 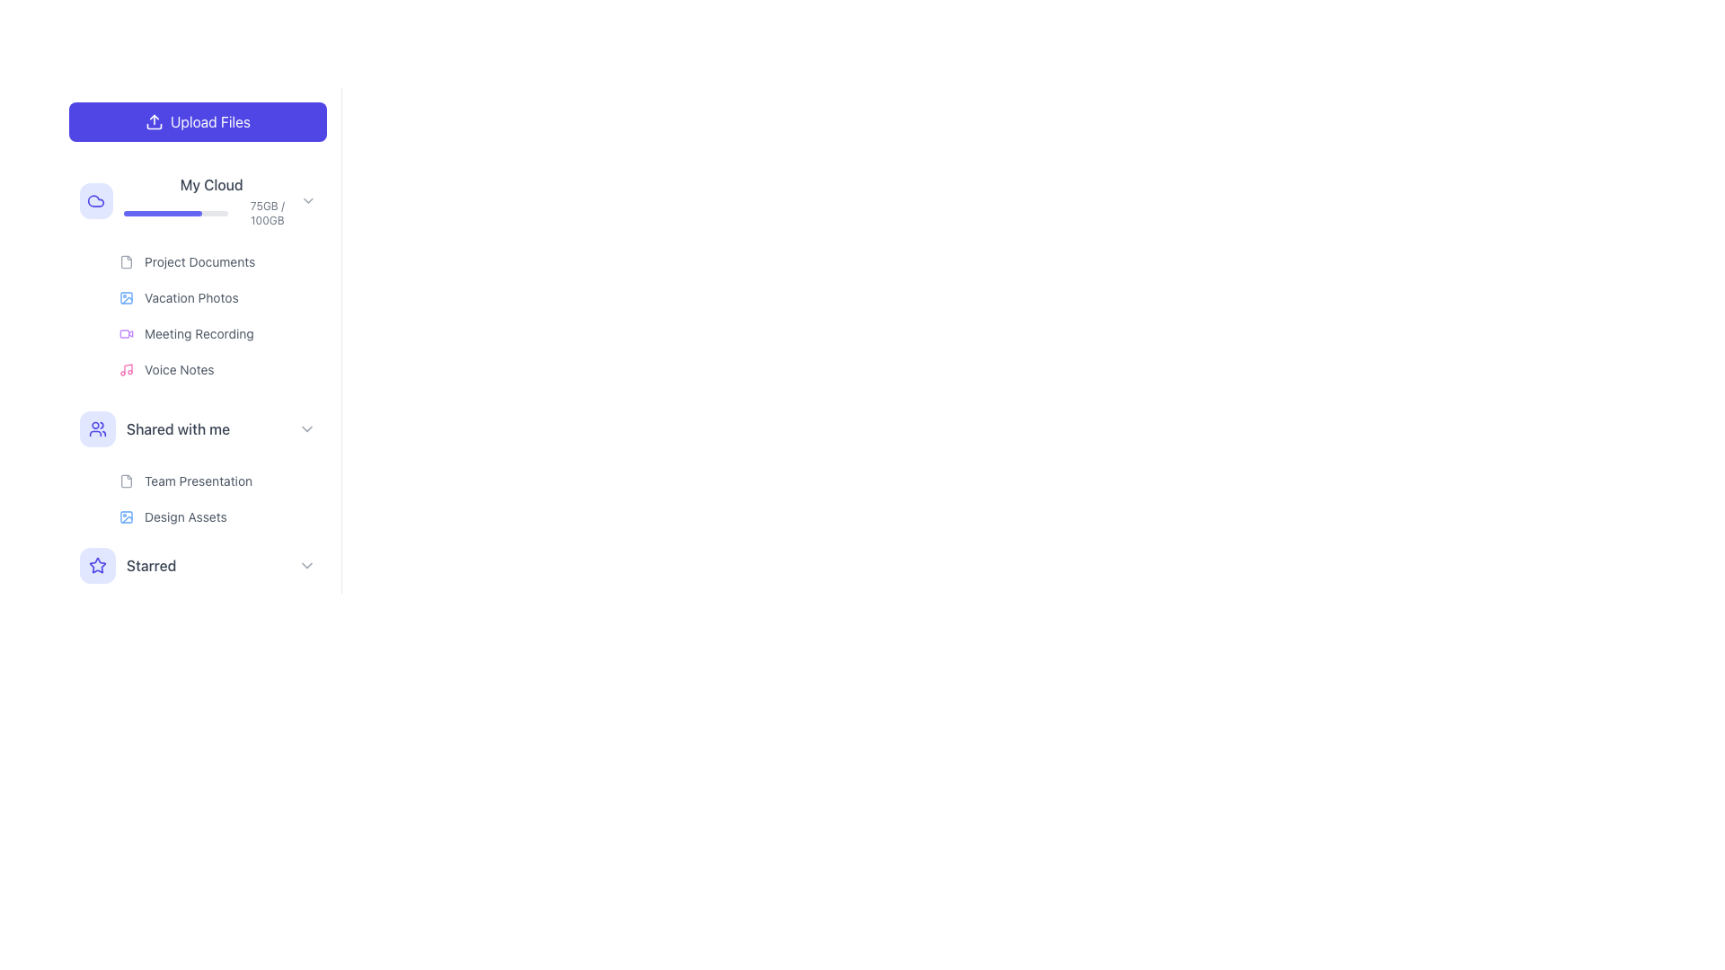 What do you see at coordinates (218, 516) in the screenshot?
I see `the second item labeled 'Design Assets' with a blue picture frame icon in the 'Shared with me' section` at bounding box center [218, 516].